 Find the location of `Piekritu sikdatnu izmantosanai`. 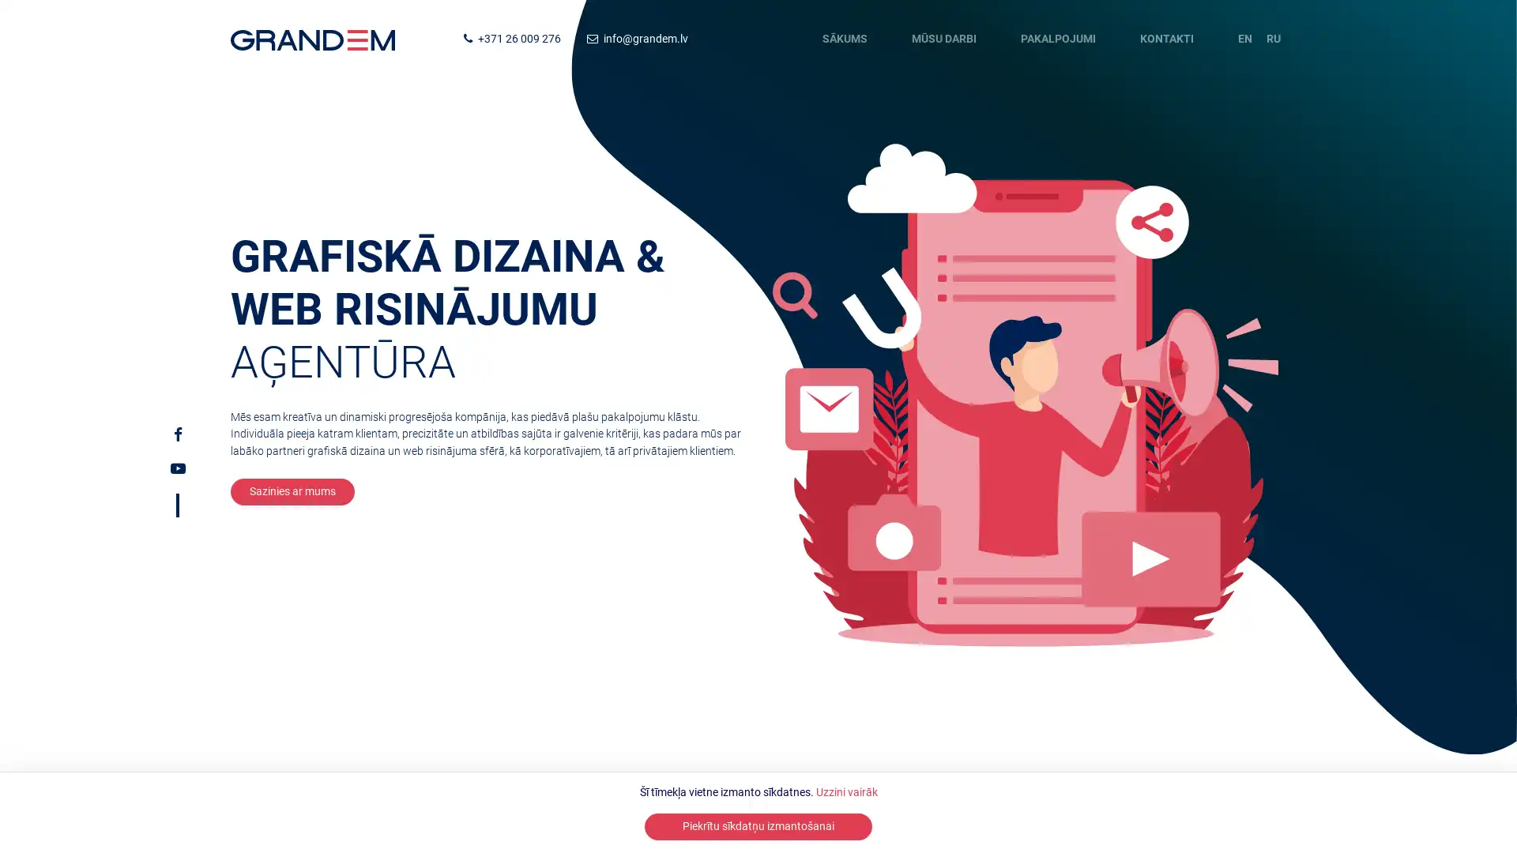

Piekritu sikdatnu izmantosanai is located at coordinates (758, 825).